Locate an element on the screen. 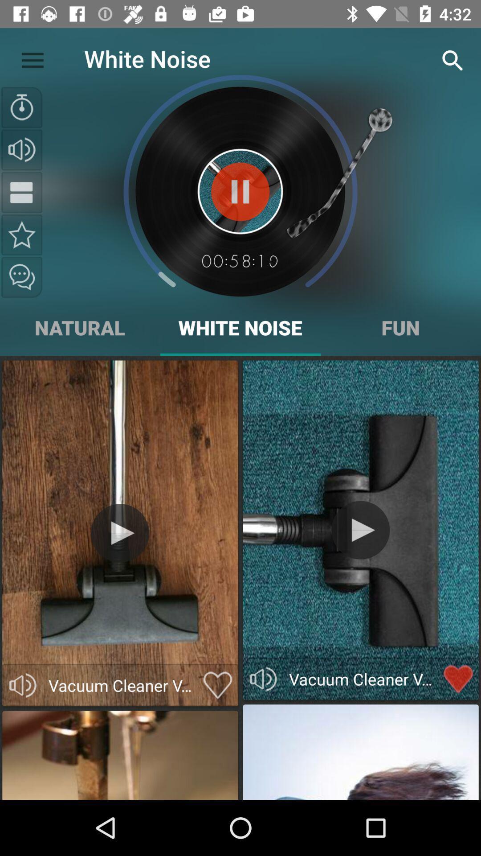 The height and width of the screenshot is (856, 481). pause sound is located at coordinates (240, 191).